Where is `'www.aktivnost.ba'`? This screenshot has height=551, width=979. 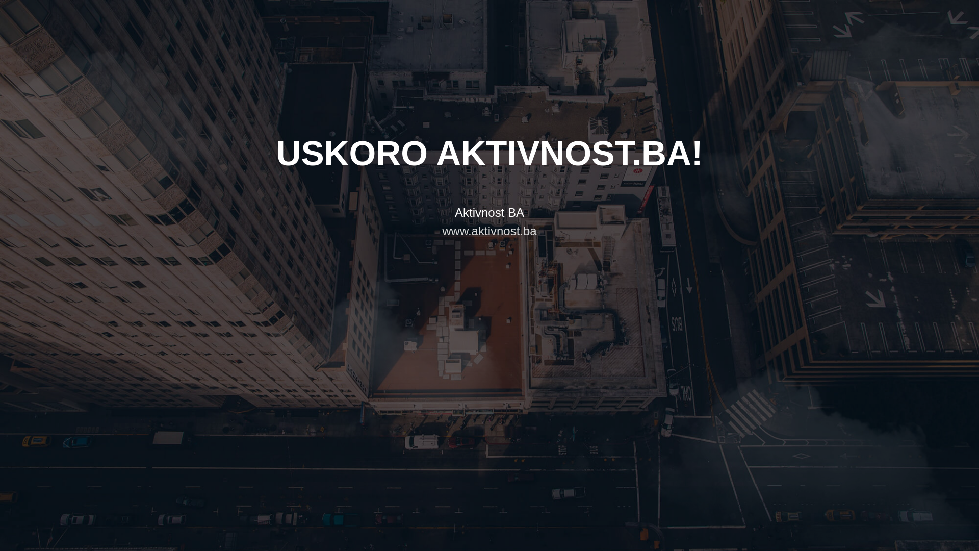
'www.aktivnost.ba' is located at coordinates (488, 231).